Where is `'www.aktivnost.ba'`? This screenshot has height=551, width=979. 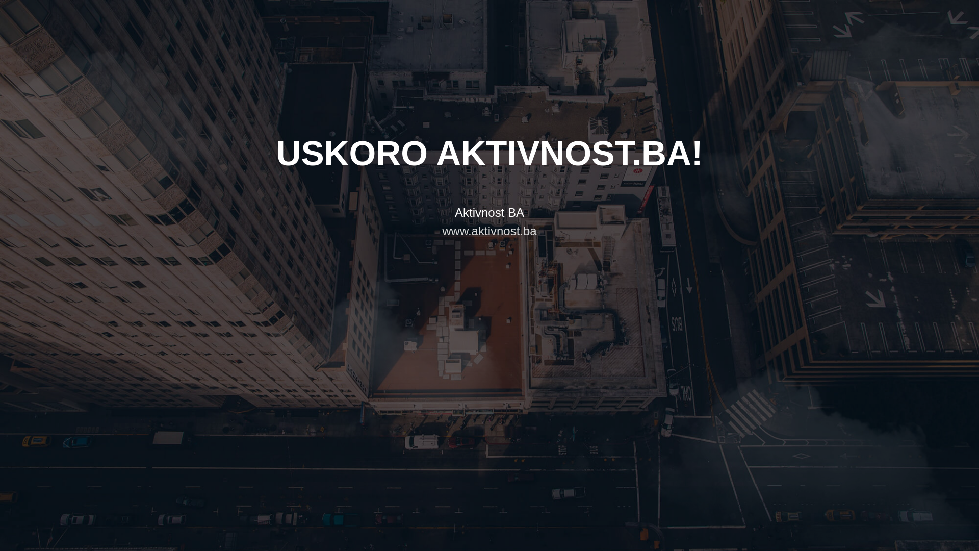
'www.aktivnost.ba' is located at coordinates (488, 231).